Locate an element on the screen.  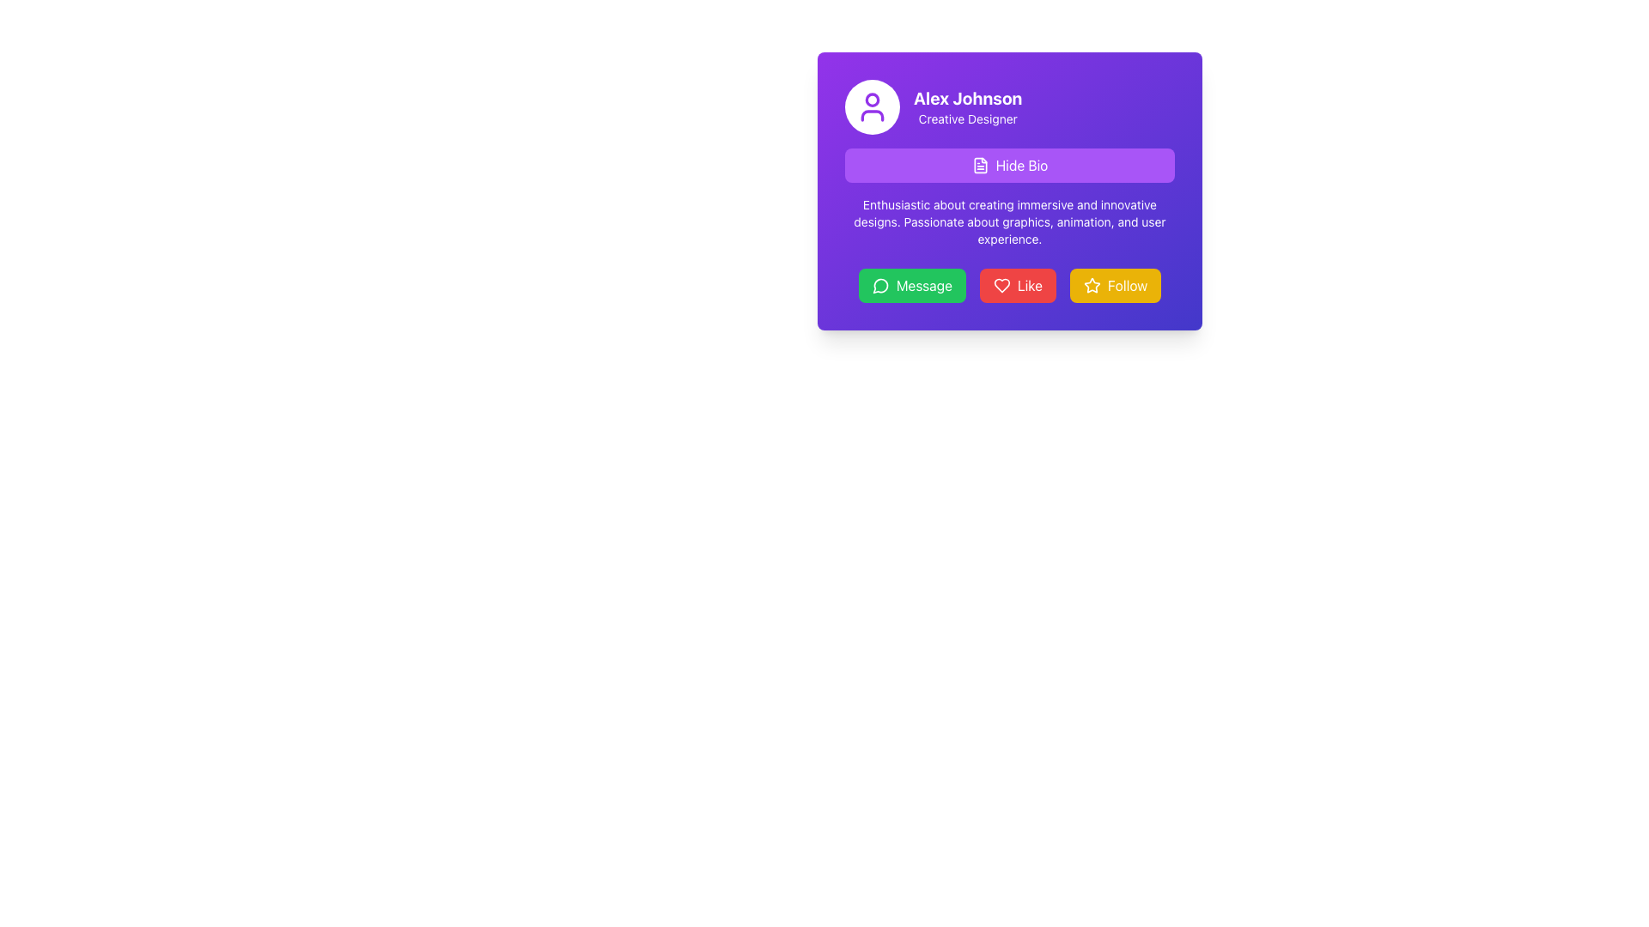
the 'Hide Bio' button, which has a purple background and white text, to hide the bio is located at coordinates (1010, 165).